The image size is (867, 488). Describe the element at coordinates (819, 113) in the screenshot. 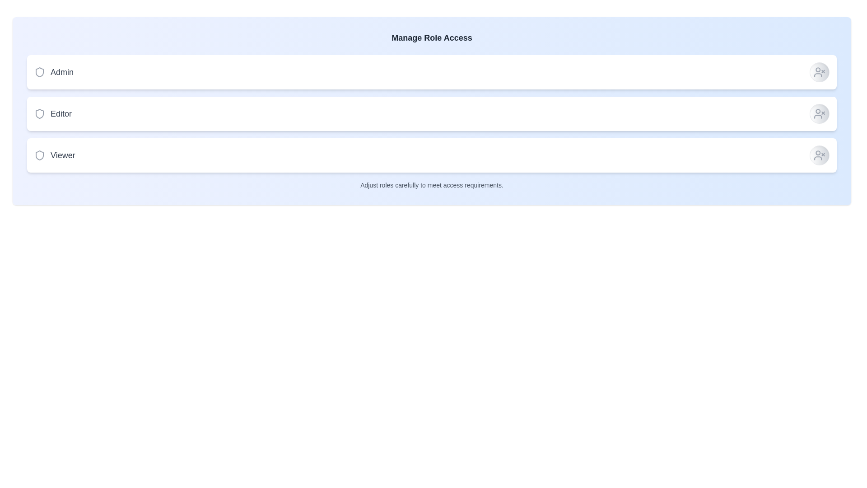

I see `the user silhouette icon with an 'X' in the circular button for the 'remove user' action` at that location.